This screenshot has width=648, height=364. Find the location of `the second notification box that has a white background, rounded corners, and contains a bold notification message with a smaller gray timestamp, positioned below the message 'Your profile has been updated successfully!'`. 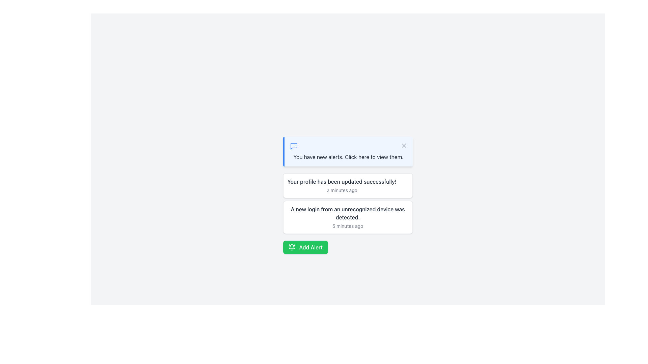

the second notification box that has a white background, rounded corners, and contains a bold notification message with a smaller gray timestamp, positioned below the message 'Your profile has been updated successfully!' is located at coordinates (348, 217).